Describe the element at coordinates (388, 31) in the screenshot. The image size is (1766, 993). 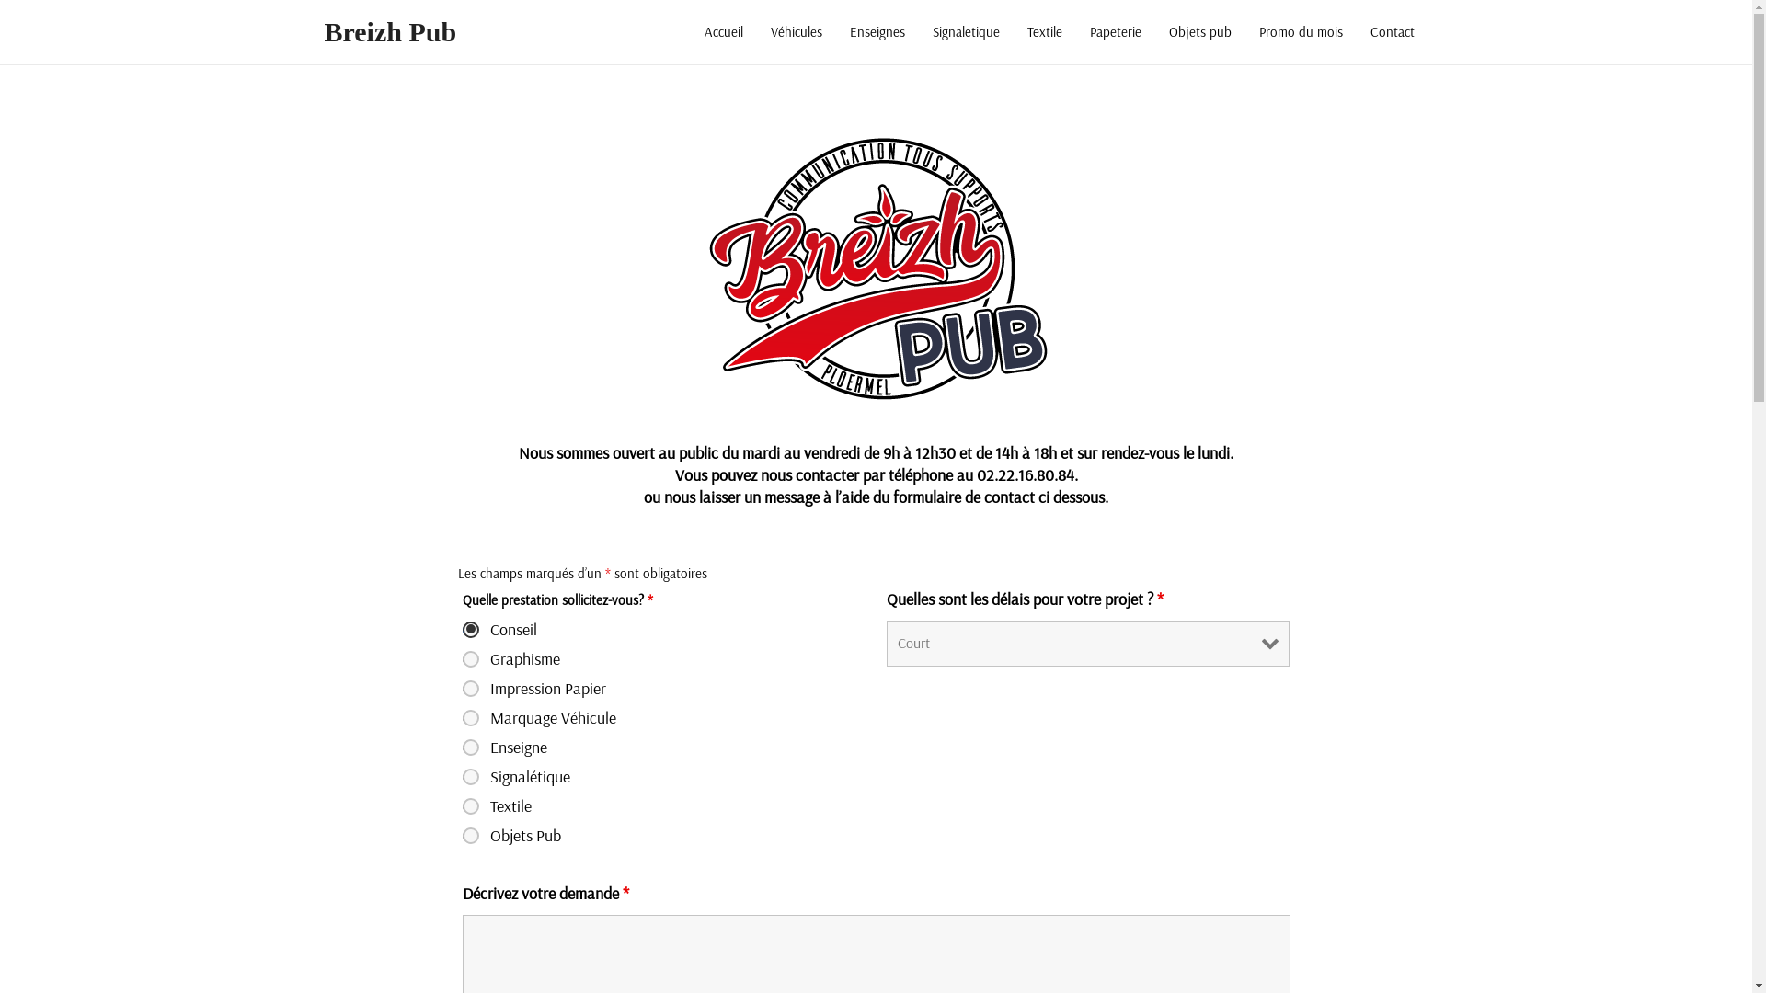
I see `'Breizh Pub'` at that location.